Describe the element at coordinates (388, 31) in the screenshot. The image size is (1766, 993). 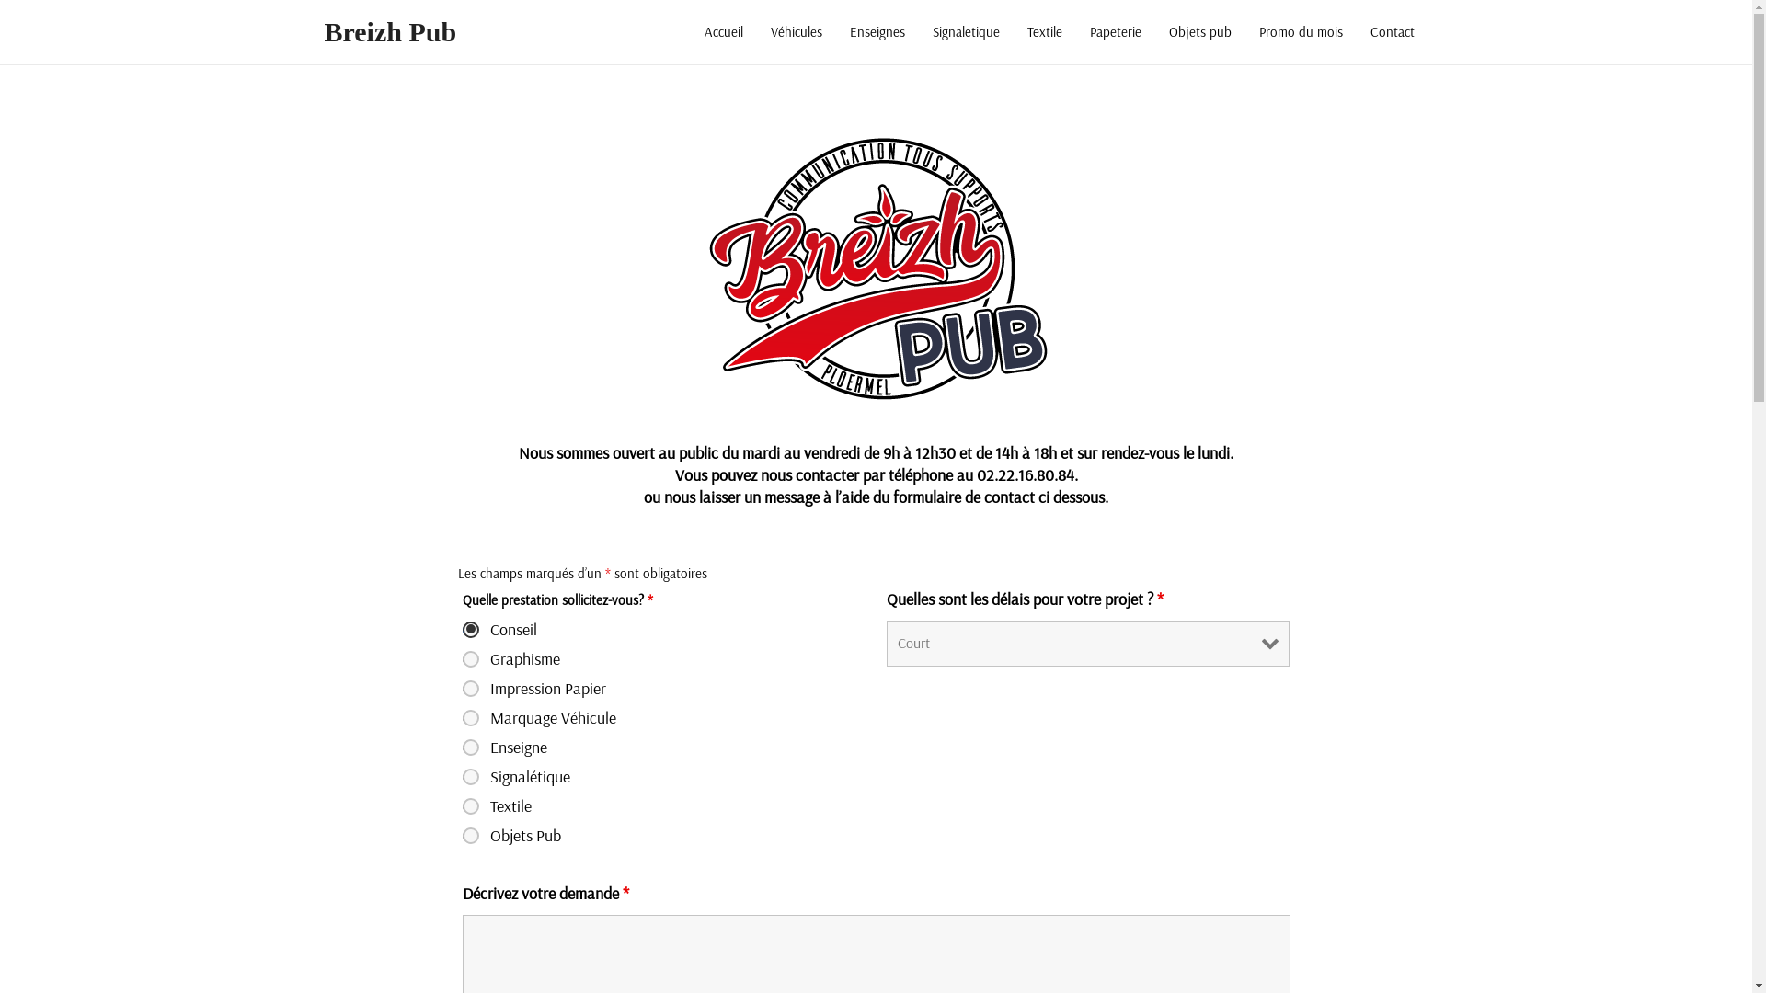
I see `'Breizh Pub'` at that location.